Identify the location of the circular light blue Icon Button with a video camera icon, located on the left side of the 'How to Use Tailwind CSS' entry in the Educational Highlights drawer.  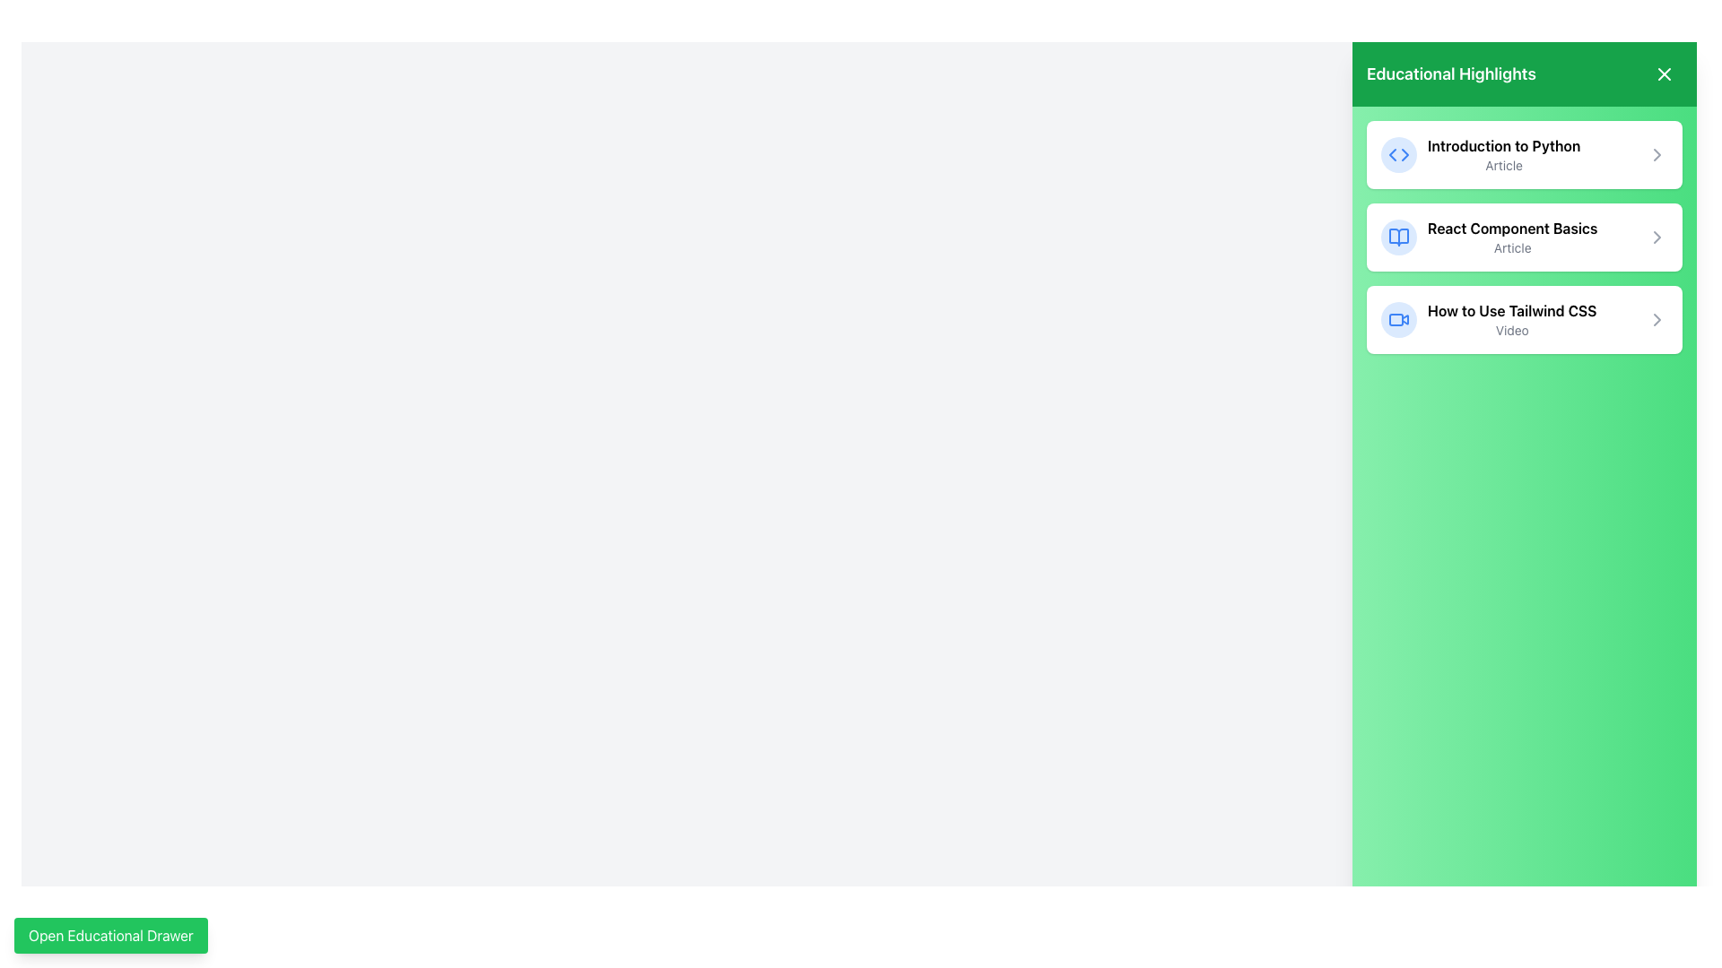
(1398, 319).